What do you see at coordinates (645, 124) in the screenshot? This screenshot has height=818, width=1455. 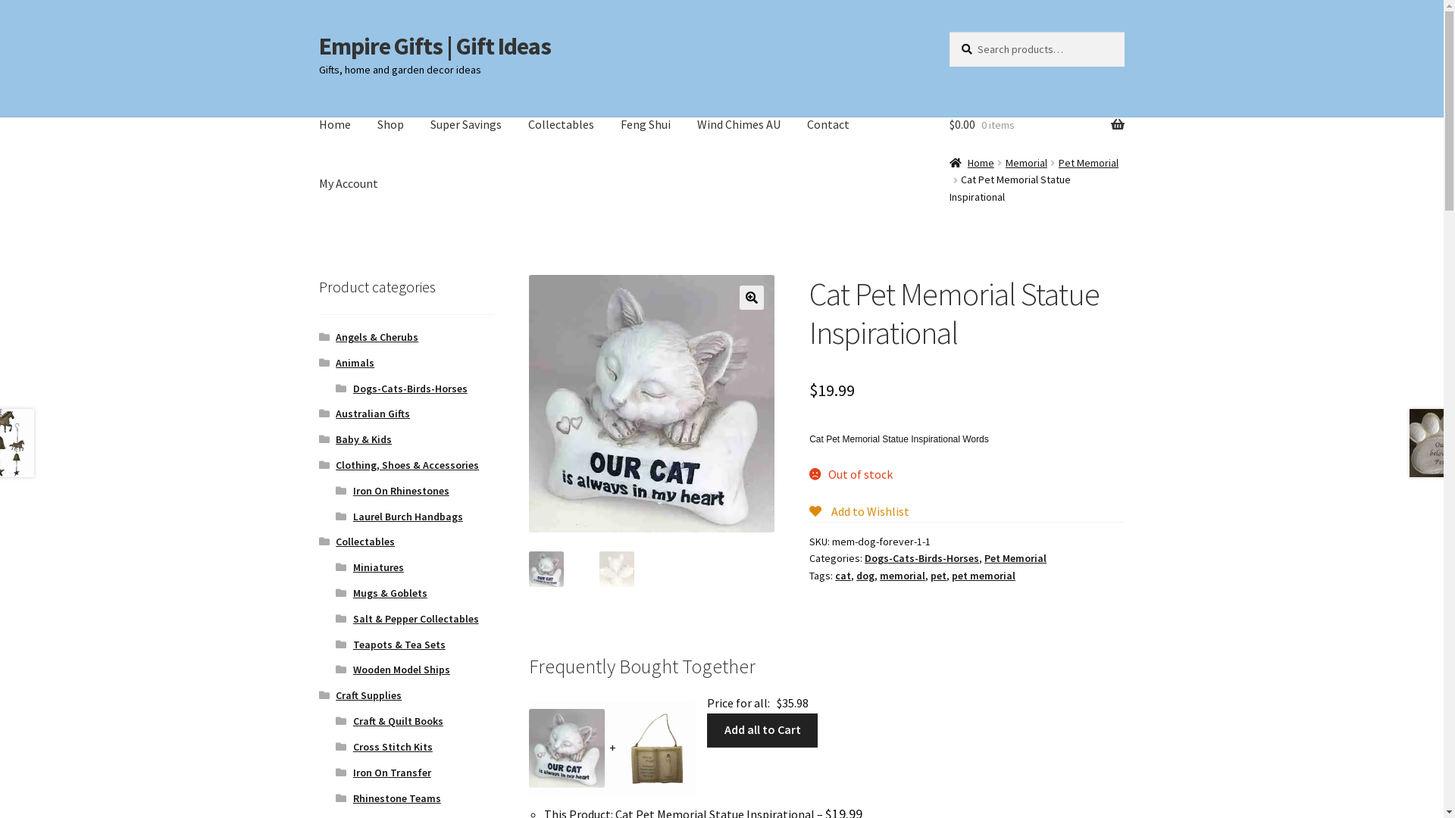 I see `'Feng Shui'` at bounding box center [645, 124].